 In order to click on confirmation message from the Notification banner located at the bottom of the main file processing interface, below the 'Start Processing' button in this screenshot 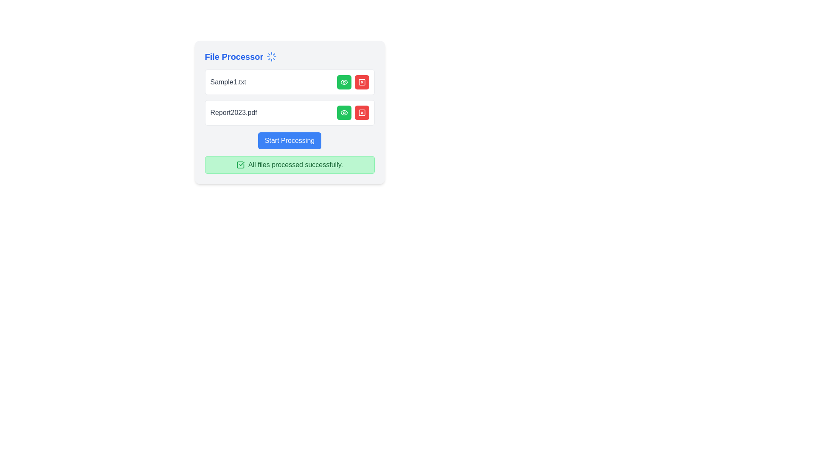, I will do `click(289, 165)`.